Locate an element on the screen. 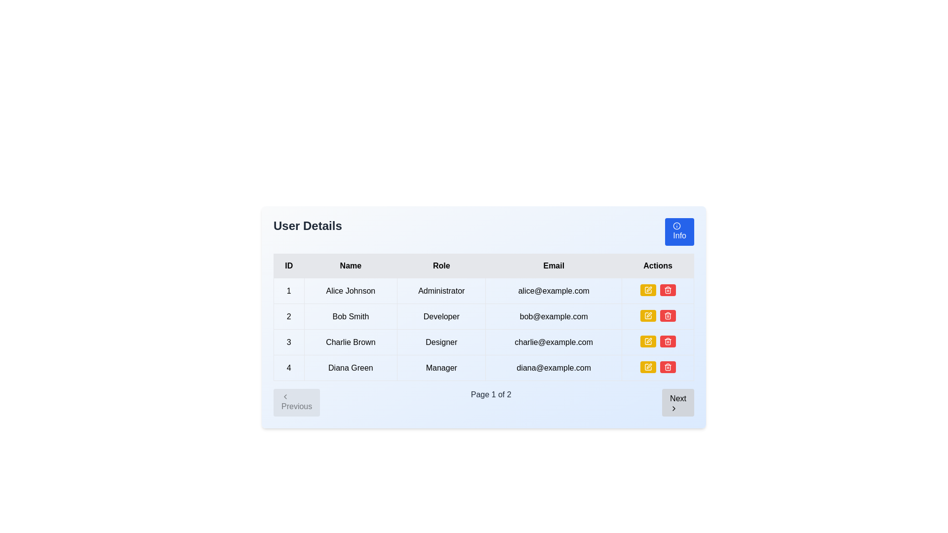 This screenshot has height=533, width=948. the first icon in the third row of the 'Actions' column, which represents an editing or design action is located at coordinates (648, 341).